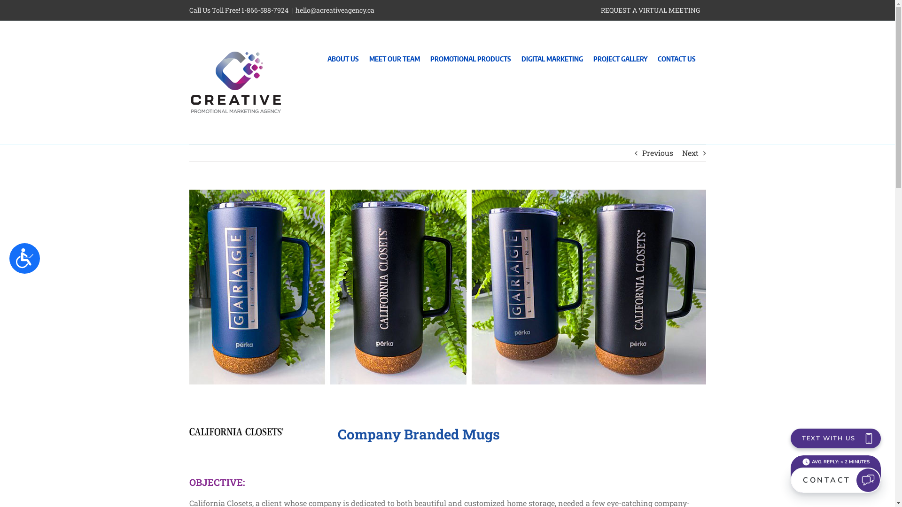  I want to click on 'View Larger Image', so click(446, 286).